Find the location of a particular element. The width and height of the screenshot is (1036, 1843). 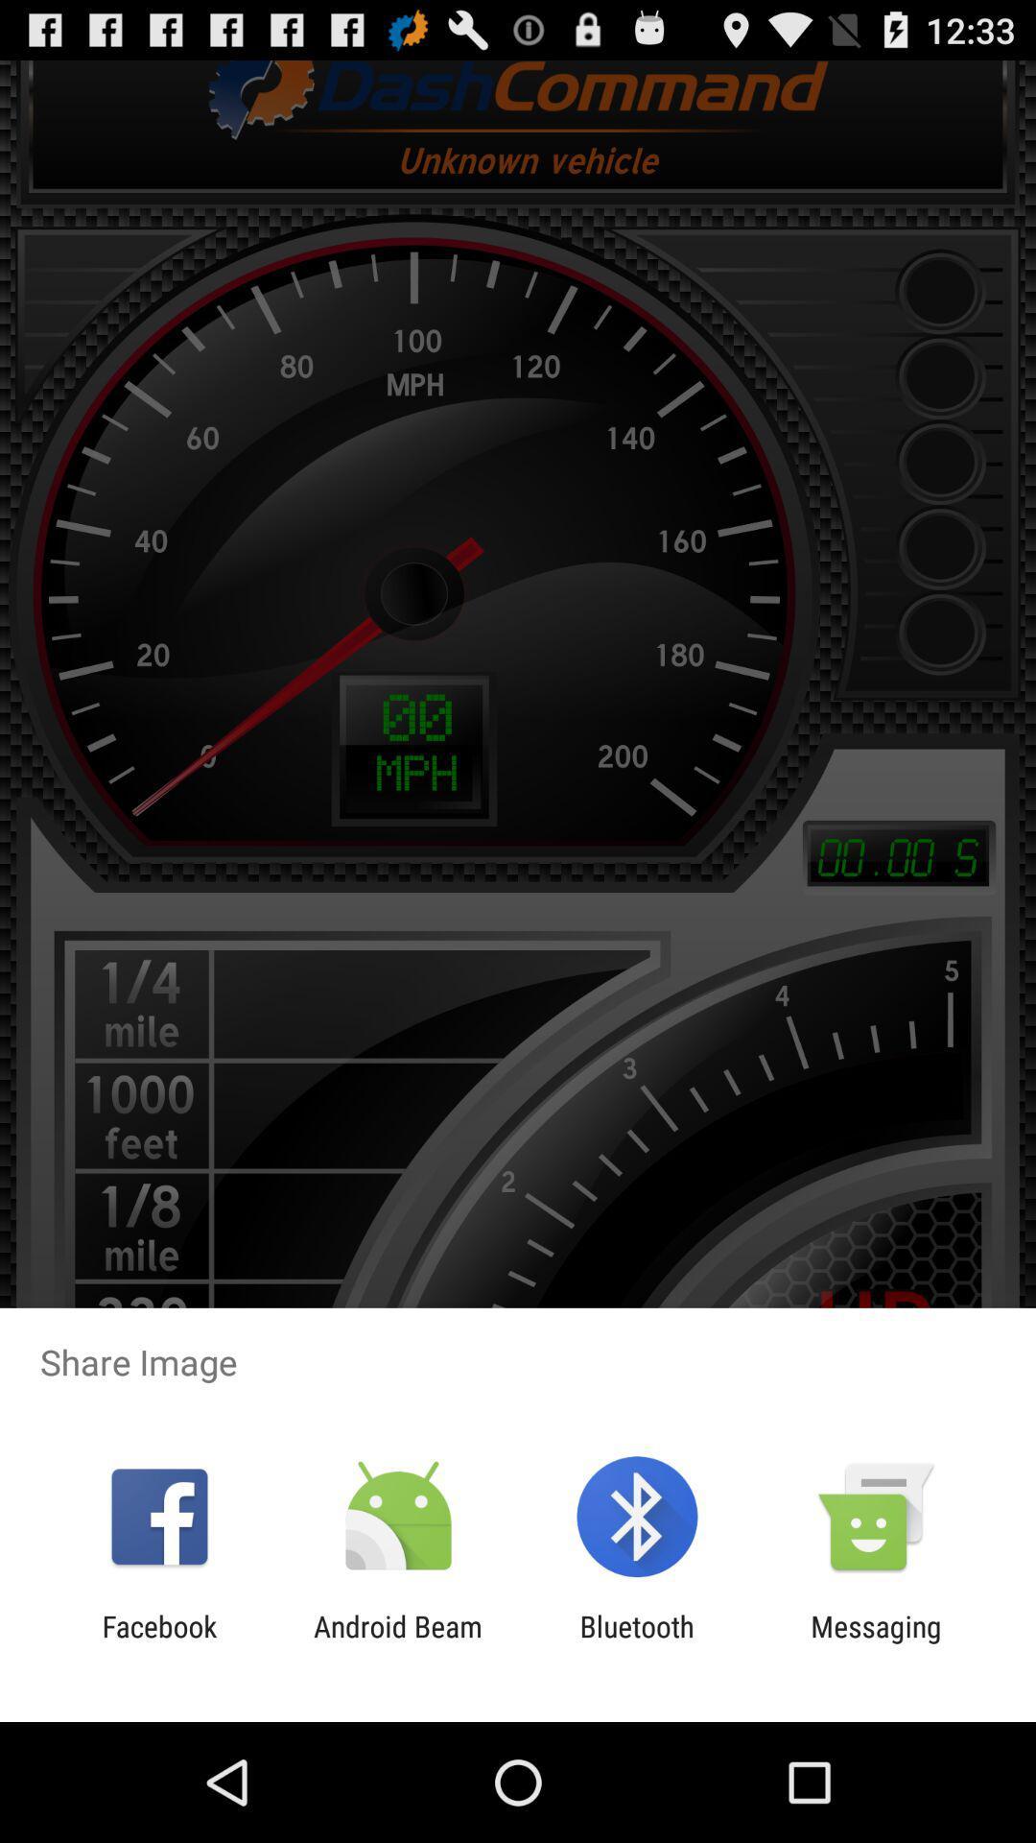

app to the right of the android beam app is located at coordinates (637, 1642).